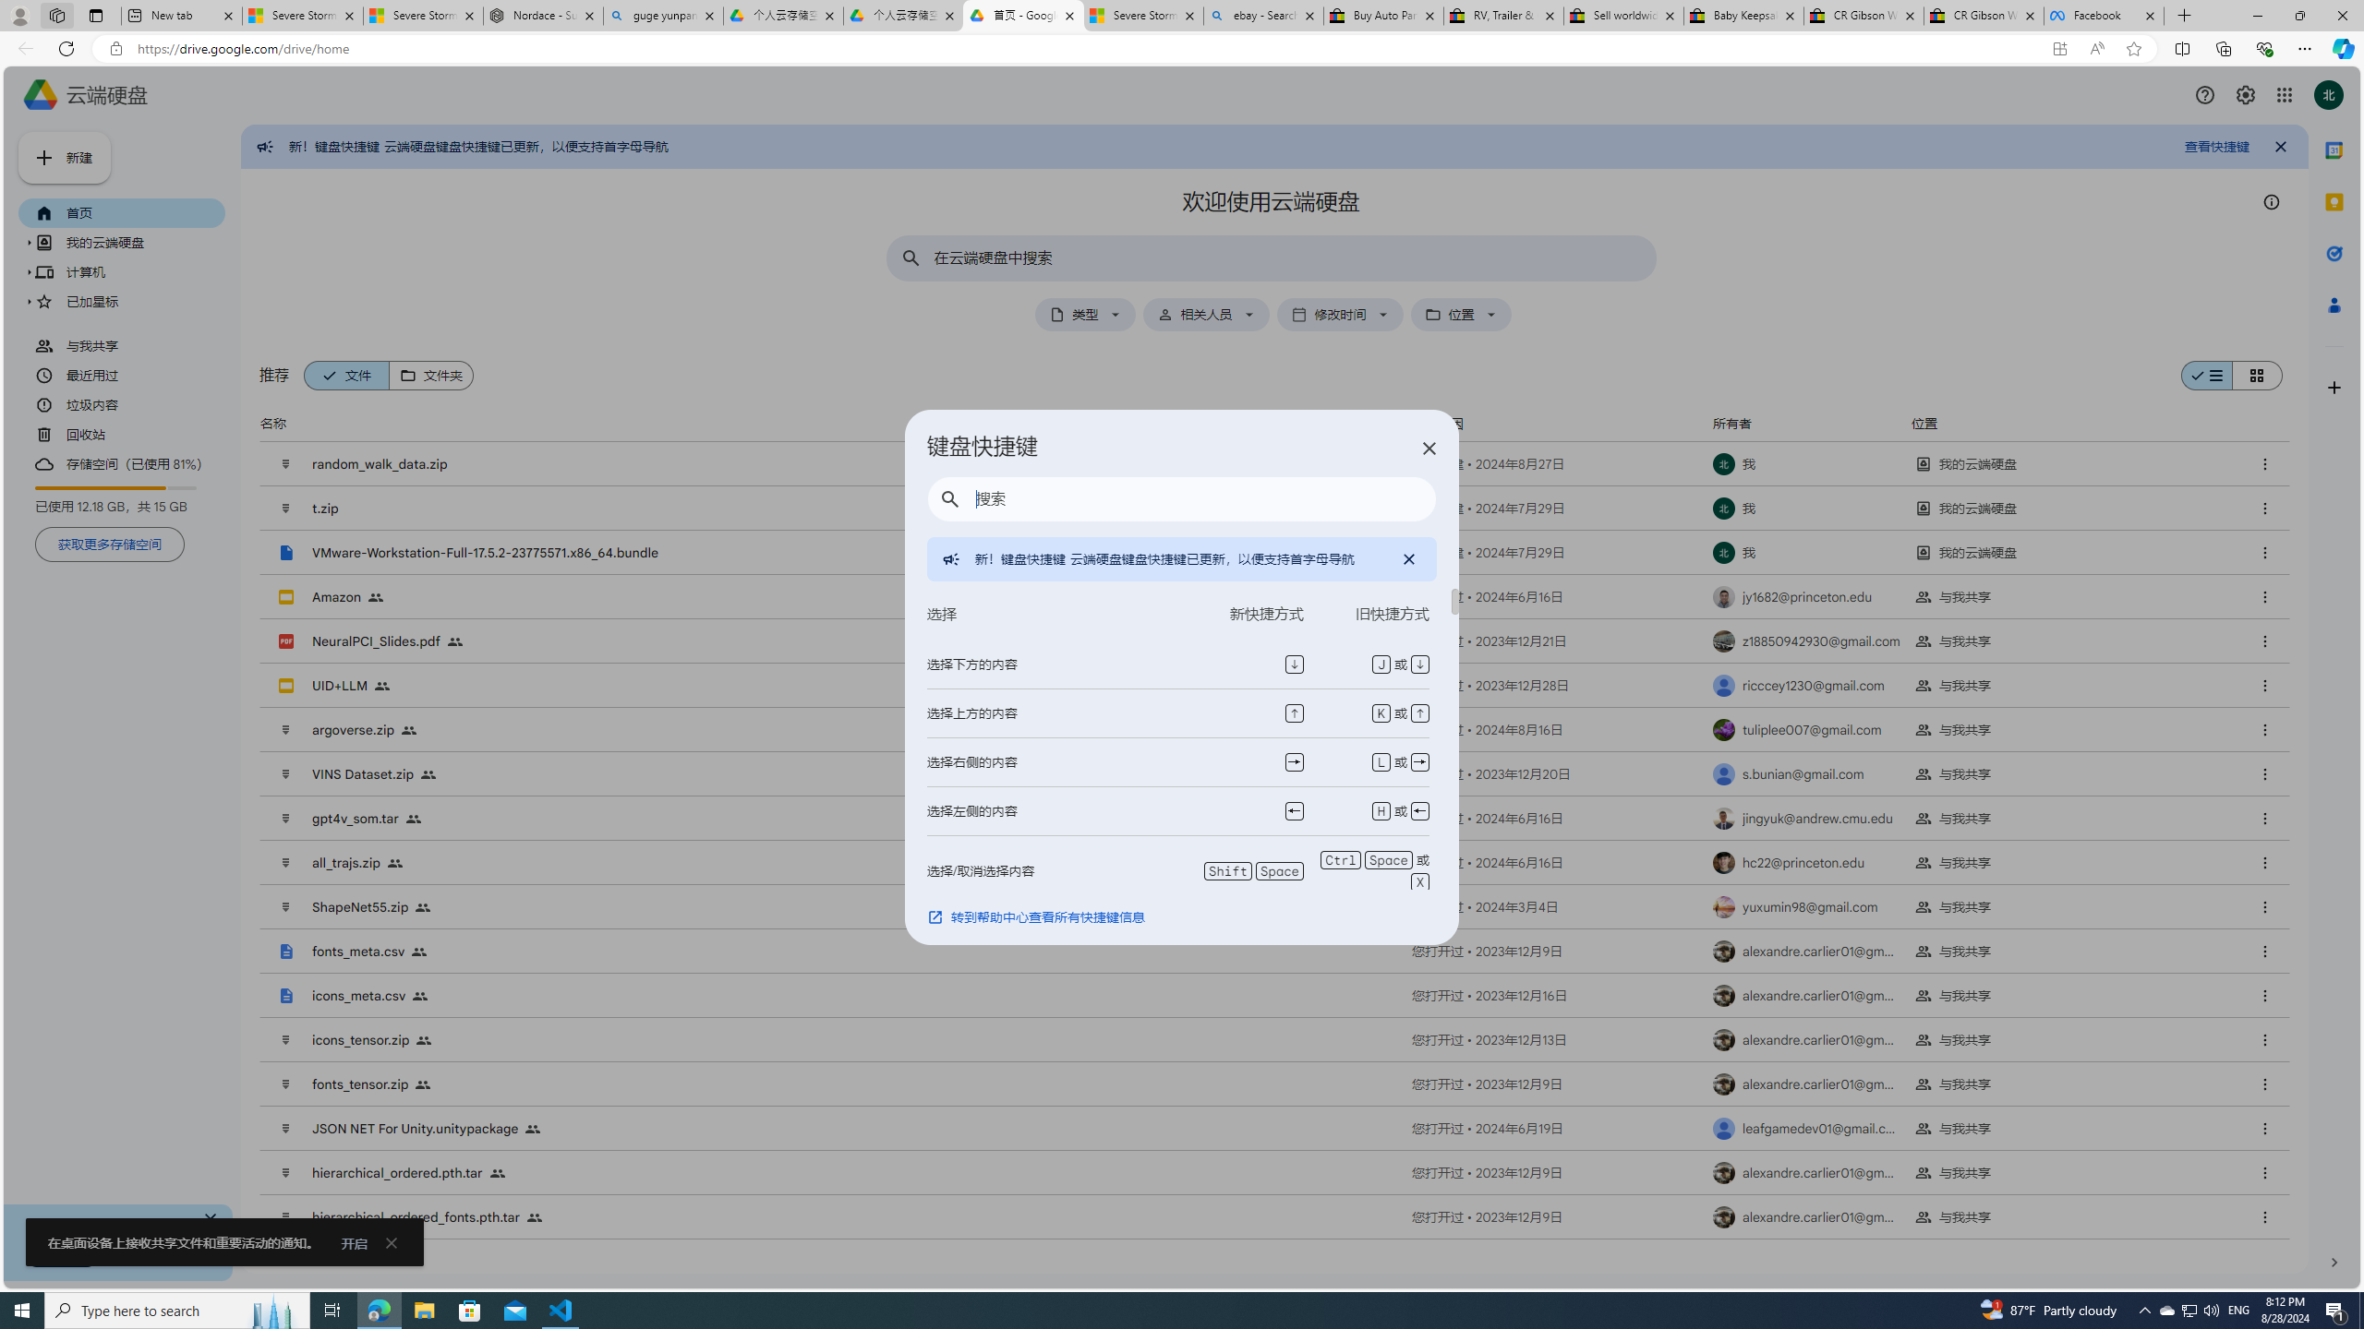  Describe the element at coordinates (2104, 15) in the screenshot. I see `'Facebook'` at that location.